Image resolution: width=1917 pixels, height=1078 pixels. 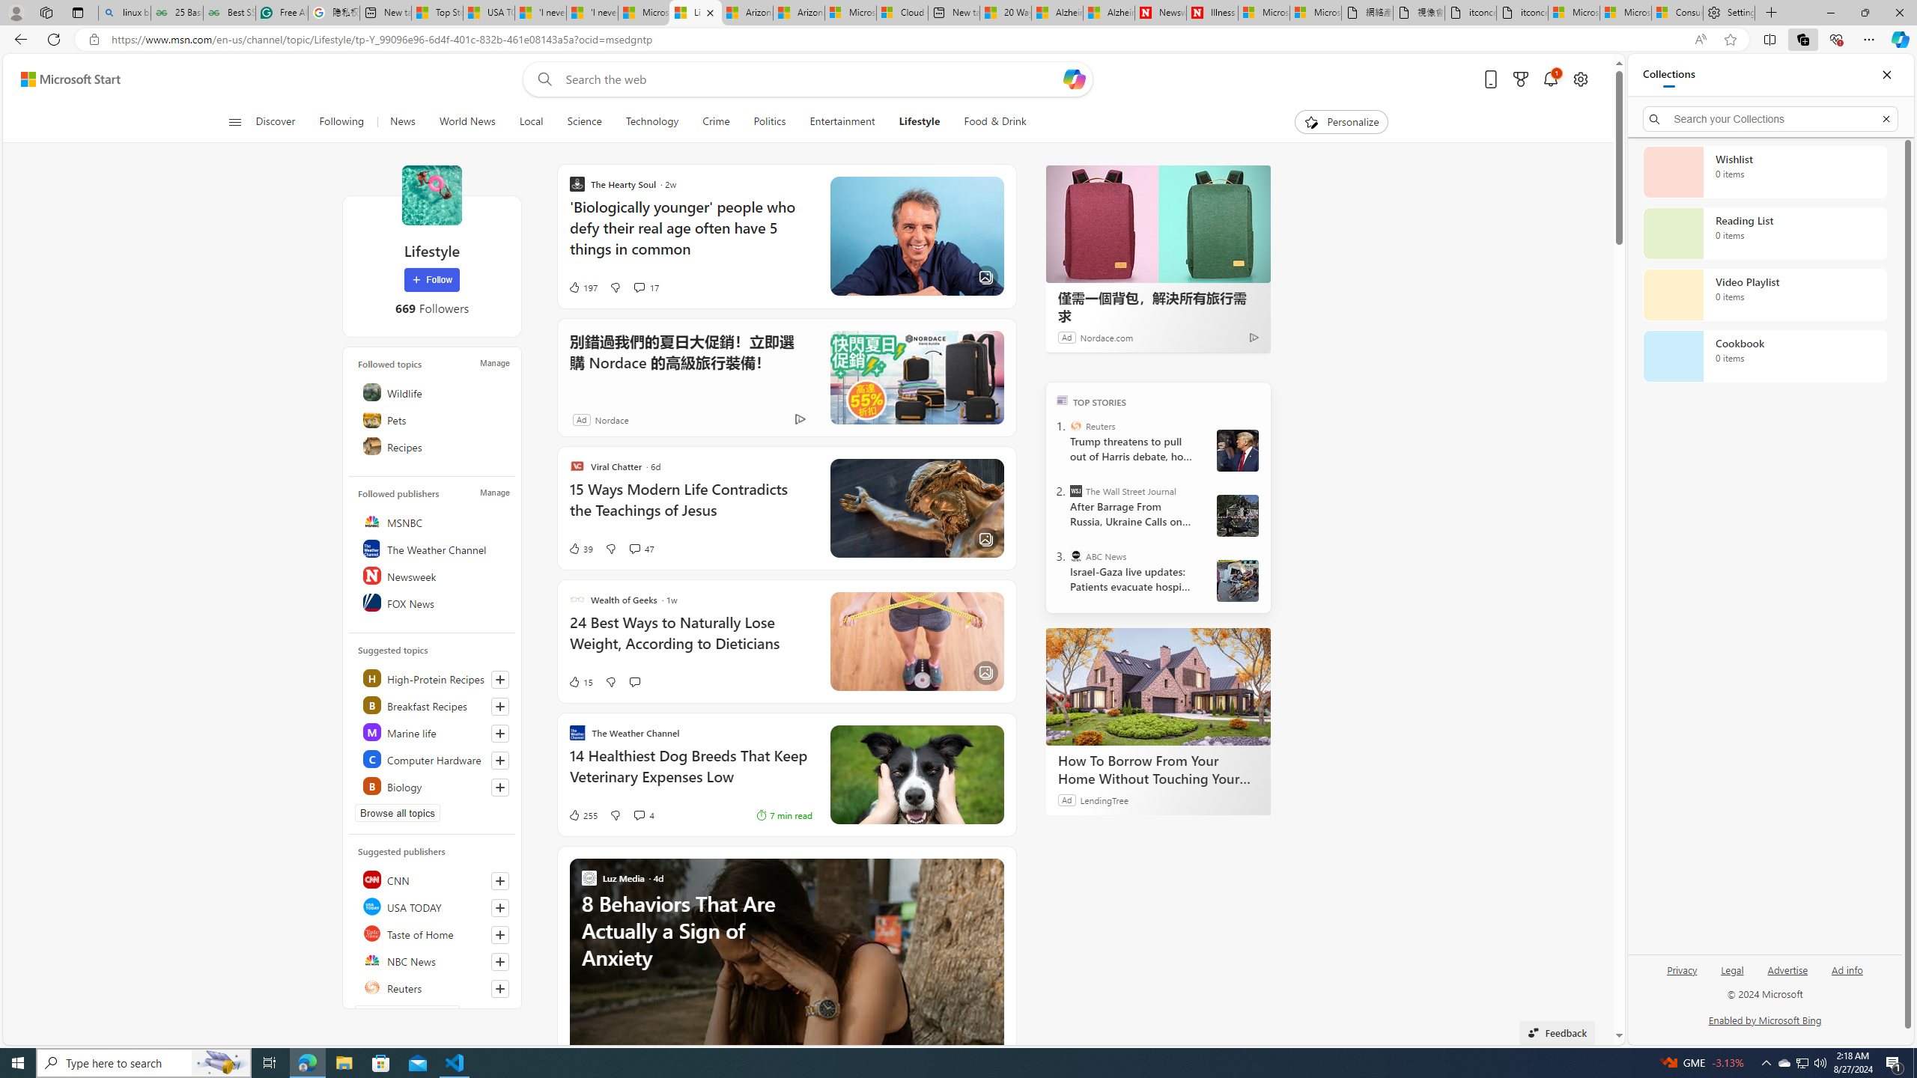 I want to click on 'Notifications', so click(x=1550, y=79).